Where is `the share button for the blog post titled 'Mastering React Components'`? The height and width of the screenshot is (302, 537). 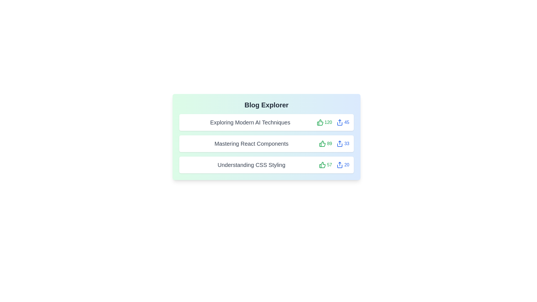 the share button for the blog post titled 'Mastering React Components' is located at coordinates (343, 143).